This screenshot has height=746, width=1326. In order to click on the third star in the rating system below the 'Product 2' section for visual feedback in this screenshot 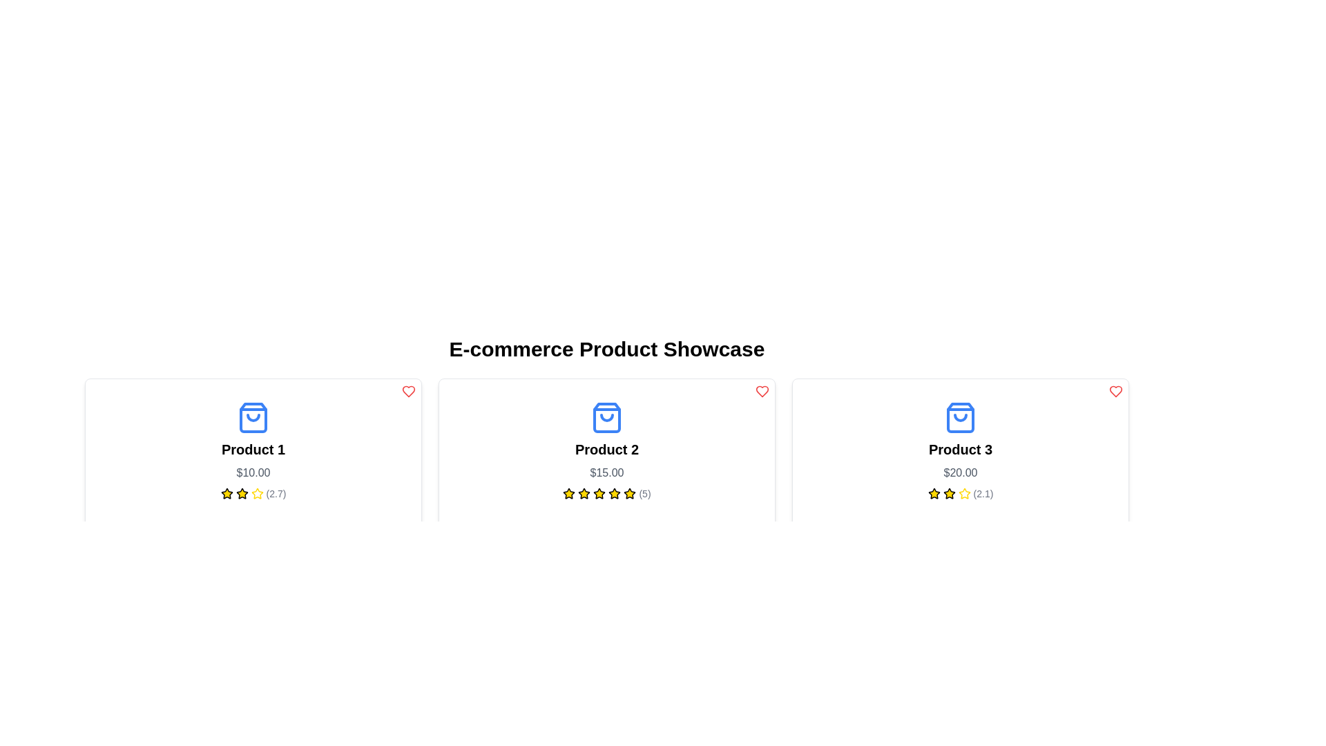, I will do `click(584, 492)`.